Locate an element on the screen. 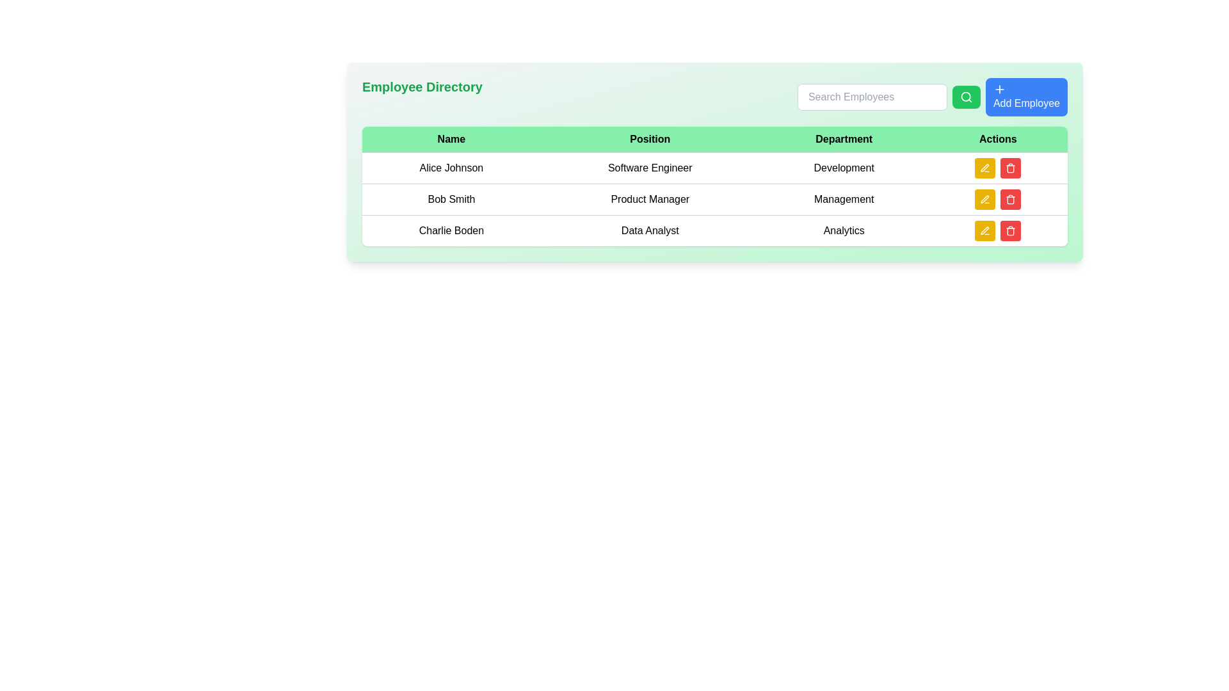  the yellow pen icon button in the 'Actions' column of the second row is located at coordinates (984, 200).